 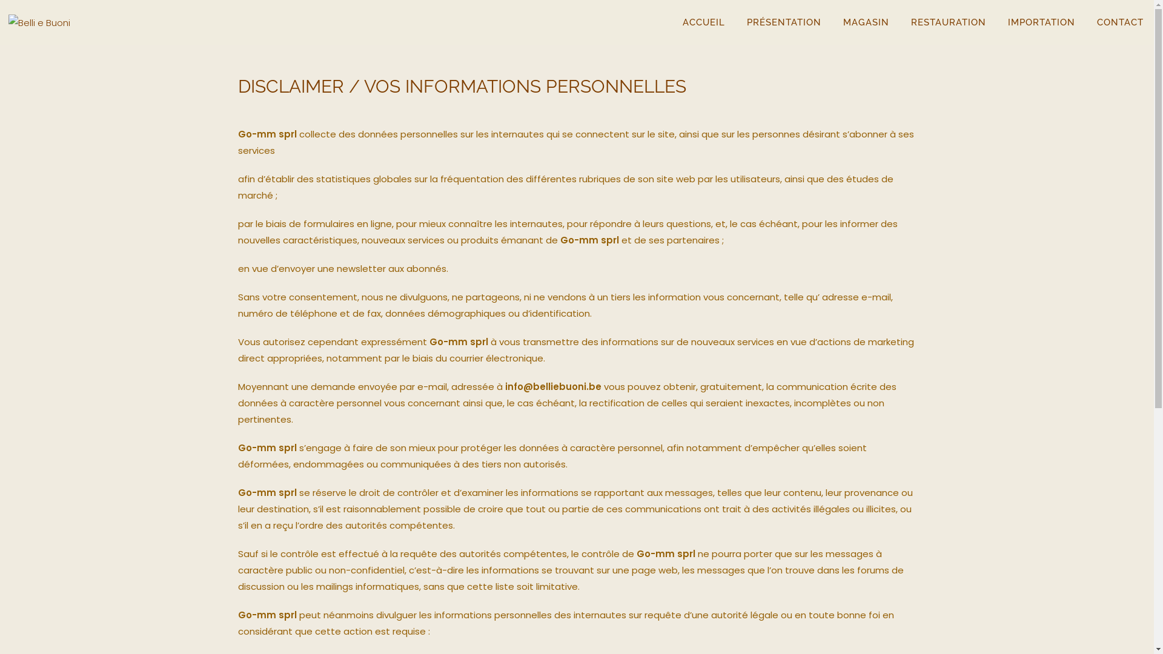 What do you see at coordinates (703, 22) in the screenshot?
I see `'ACCUEIL'` at bounding box center [703, 22].